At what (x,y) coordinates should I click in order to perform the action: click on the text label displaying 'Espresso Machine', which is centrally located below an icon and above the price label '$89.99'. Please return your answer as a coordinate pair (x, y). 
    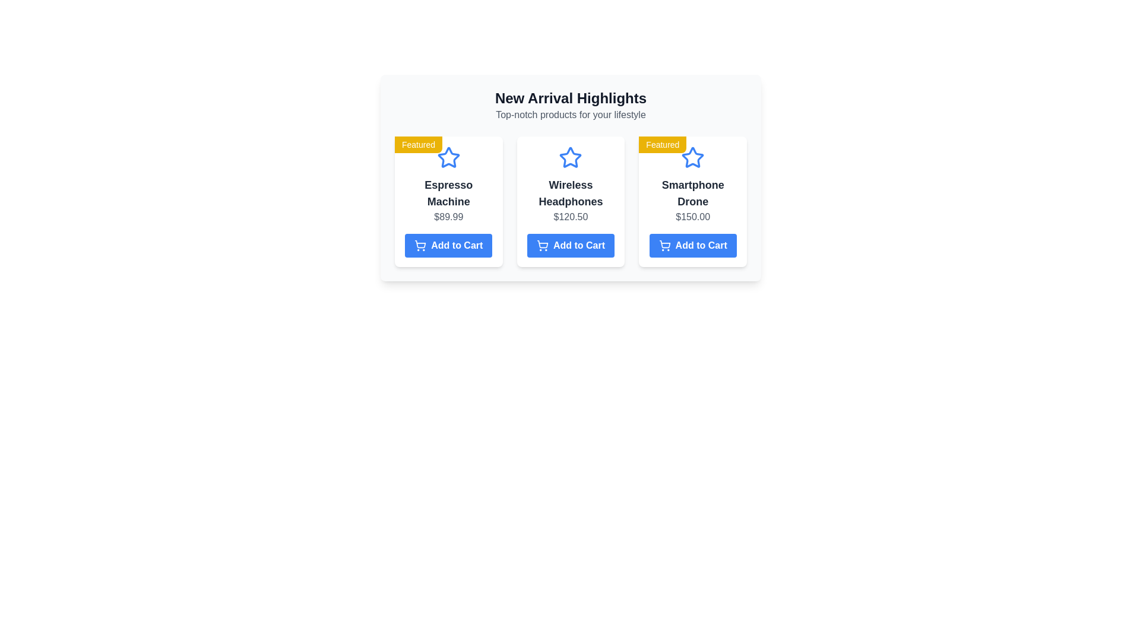
    Looking at the image, I should click on (448, 193).